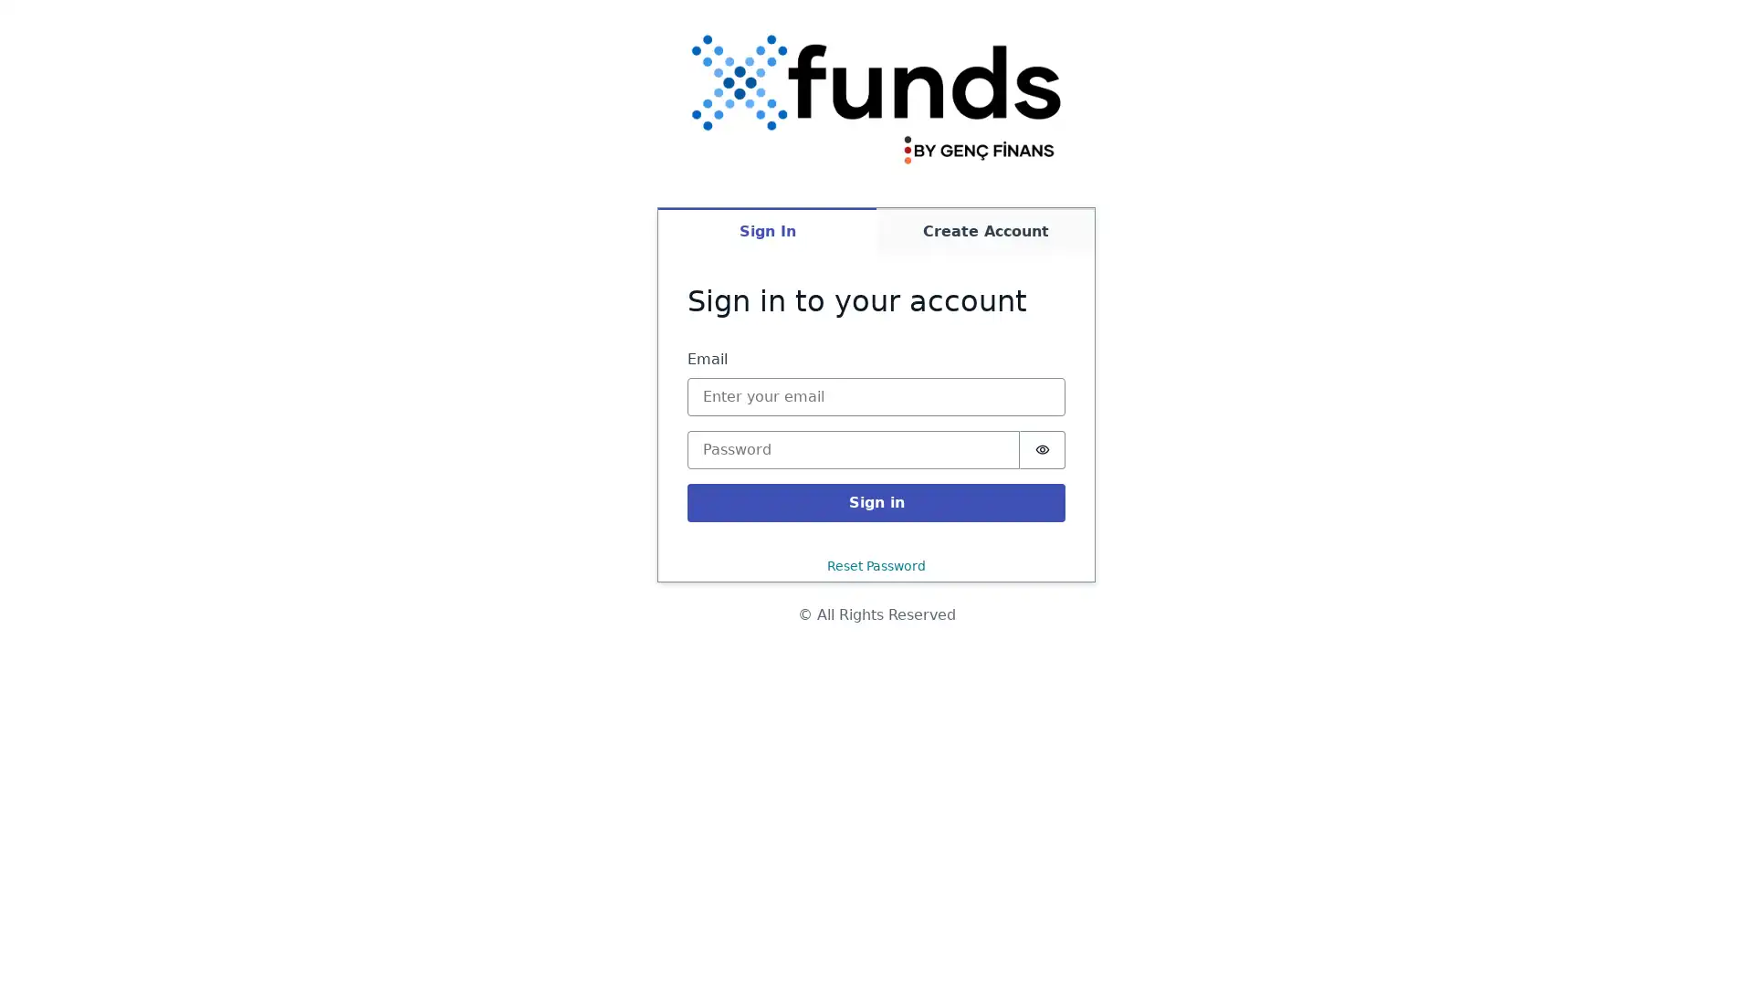 Image resolution: width=1753 pixels, height=986 pixels. What do you see at coordinates (1043, 449) in the screenshot?
I see `Show password` at bounding box center [1043, 449].